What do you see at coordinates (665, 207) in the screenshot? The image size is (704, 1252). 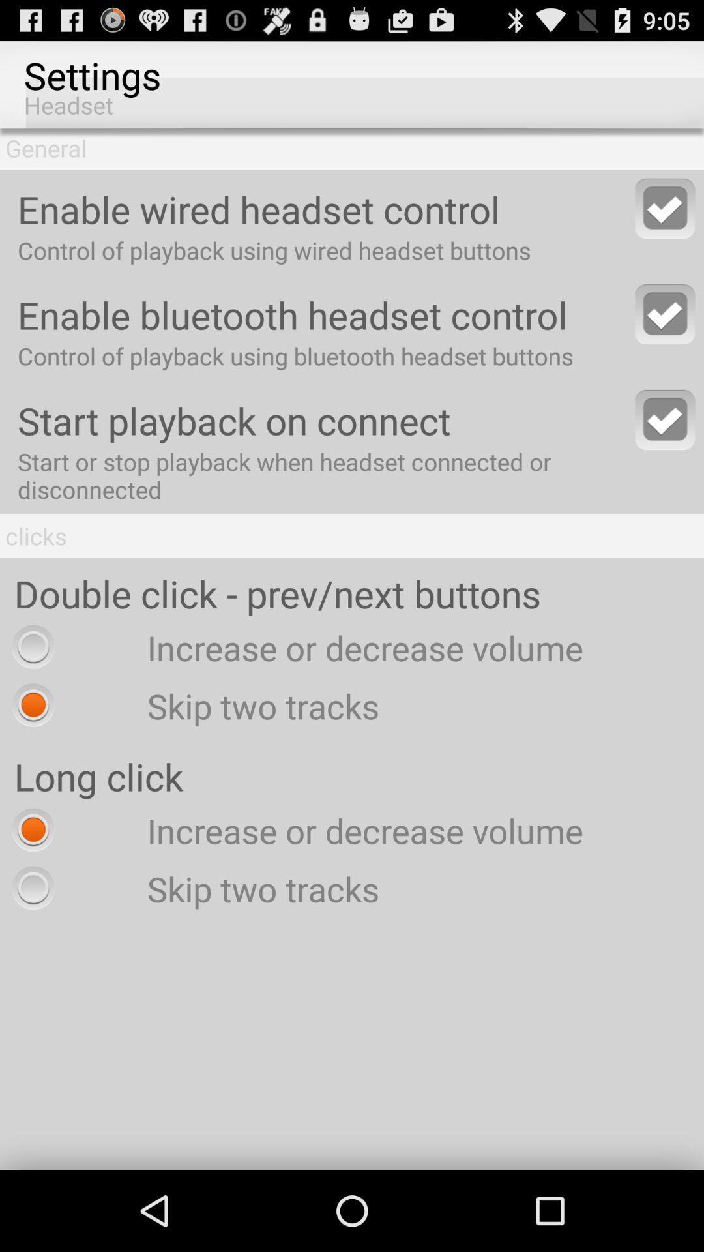 I see `setting` at bounding box center [665, 207].